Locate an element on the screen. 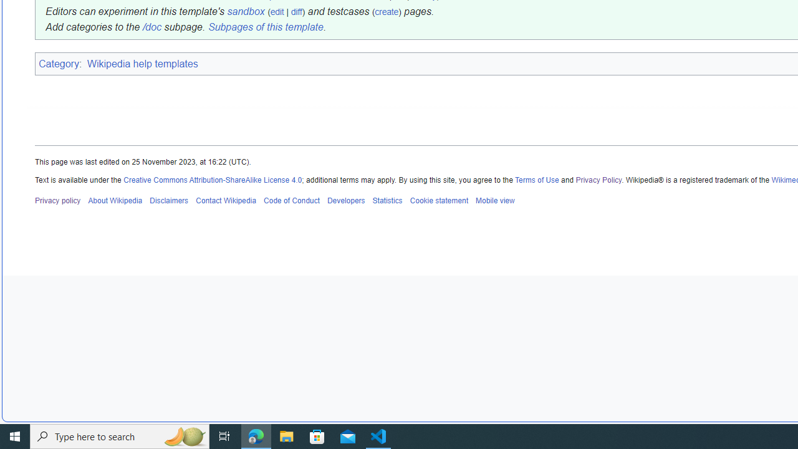 This screenshot has width=798, height=449. 'sandbox' is located at coordinates (246, 11).